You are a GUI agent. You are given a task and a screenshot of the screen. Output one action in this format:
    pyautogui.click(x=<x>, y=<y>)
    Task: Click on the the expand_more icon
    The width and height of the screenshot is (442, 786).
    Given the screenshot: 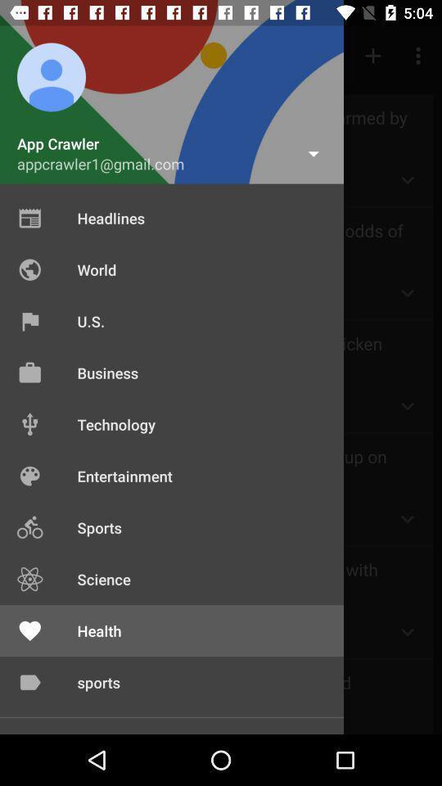 What is the action you would take?
    pyautogui.click(x=406, y=631)
    